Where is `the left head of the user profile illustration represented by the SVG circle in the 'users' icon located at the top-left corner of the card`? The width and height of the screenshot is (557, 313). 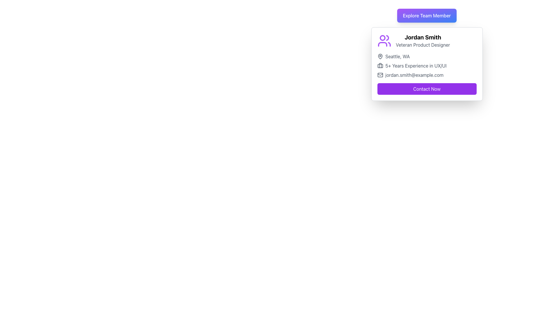 the left head of the user profile illustration represented by the SVG circle in the 'users' icon located at the top-left corner of the card is located at coordinates (382, 38).